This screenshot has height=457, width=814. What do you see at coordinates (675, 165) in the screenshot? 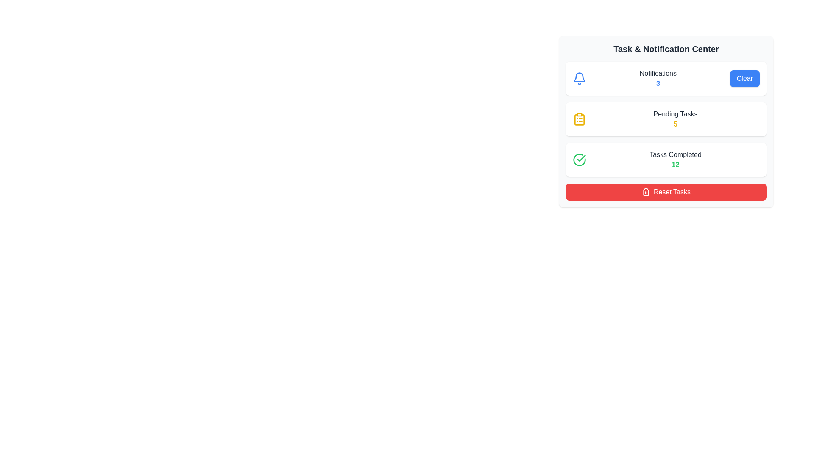
I see `the text displaying the number of completed tasks located below and to the right of 'Tasks Completed' in the 'Task & Notification Center' box` at bounding box center [675, 165].